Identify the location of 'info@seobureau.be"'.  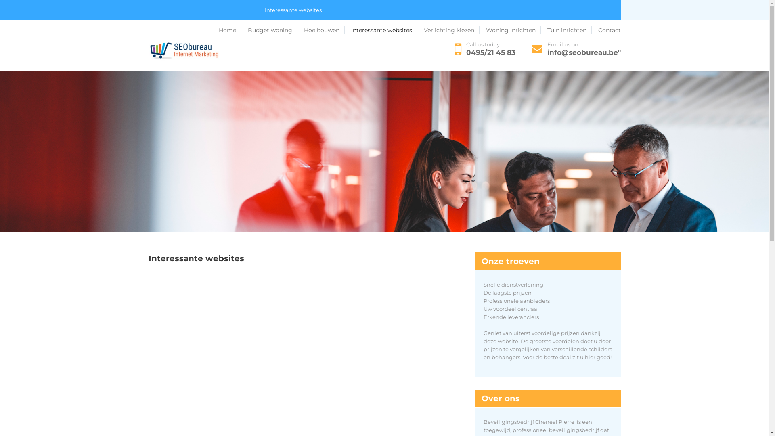
(584, 52).